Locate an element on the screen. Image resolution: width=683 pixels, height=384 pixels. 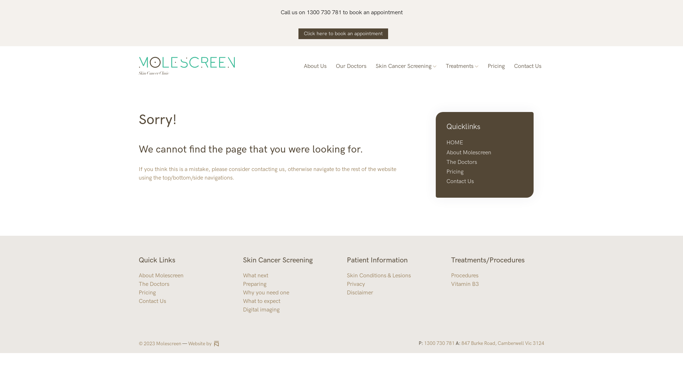
'contacting us' is located at coordinates (251, 169).